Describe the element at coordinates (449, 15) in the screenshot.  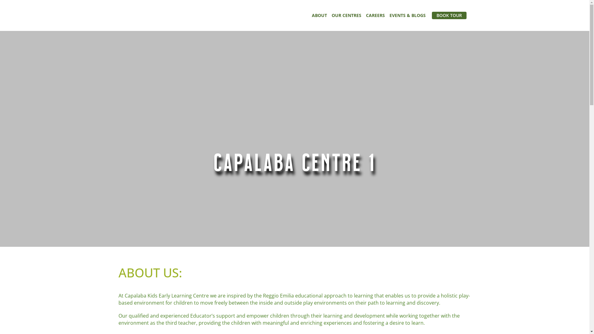
I see `'BOOK TOUR'` at that location.